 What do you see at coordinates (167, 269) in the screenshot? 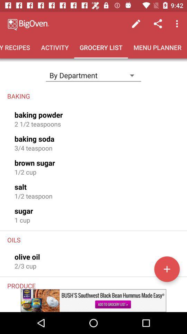
I see `the add icon` at bounding box center [167, 269].